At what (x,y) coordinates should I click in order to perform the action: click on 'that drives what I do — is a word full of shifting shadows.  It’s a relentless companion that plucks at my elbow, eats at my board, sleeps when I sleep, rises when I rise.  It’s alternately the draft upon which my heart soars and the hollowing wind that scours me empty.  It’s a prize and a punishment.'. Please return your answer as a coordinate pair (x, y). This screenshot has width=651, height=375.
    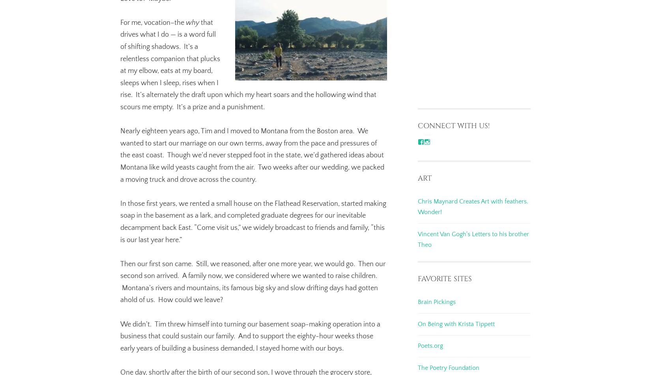
    Looking at the image, I should click on (120, 65).